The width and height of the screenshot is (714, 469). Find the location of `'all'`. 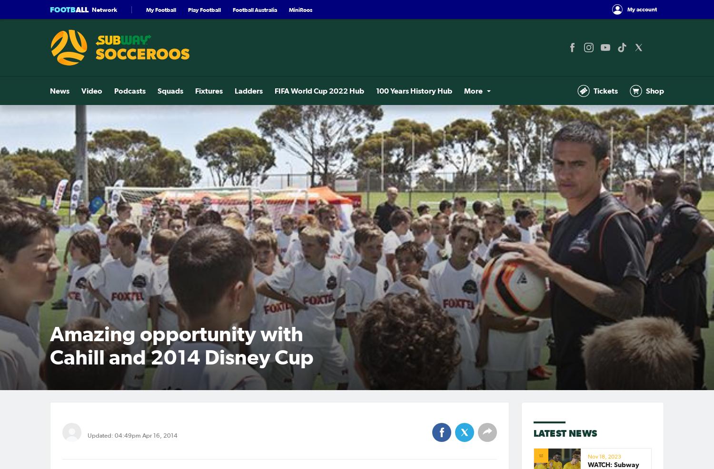

'all' is located at coordinates (82, 9).